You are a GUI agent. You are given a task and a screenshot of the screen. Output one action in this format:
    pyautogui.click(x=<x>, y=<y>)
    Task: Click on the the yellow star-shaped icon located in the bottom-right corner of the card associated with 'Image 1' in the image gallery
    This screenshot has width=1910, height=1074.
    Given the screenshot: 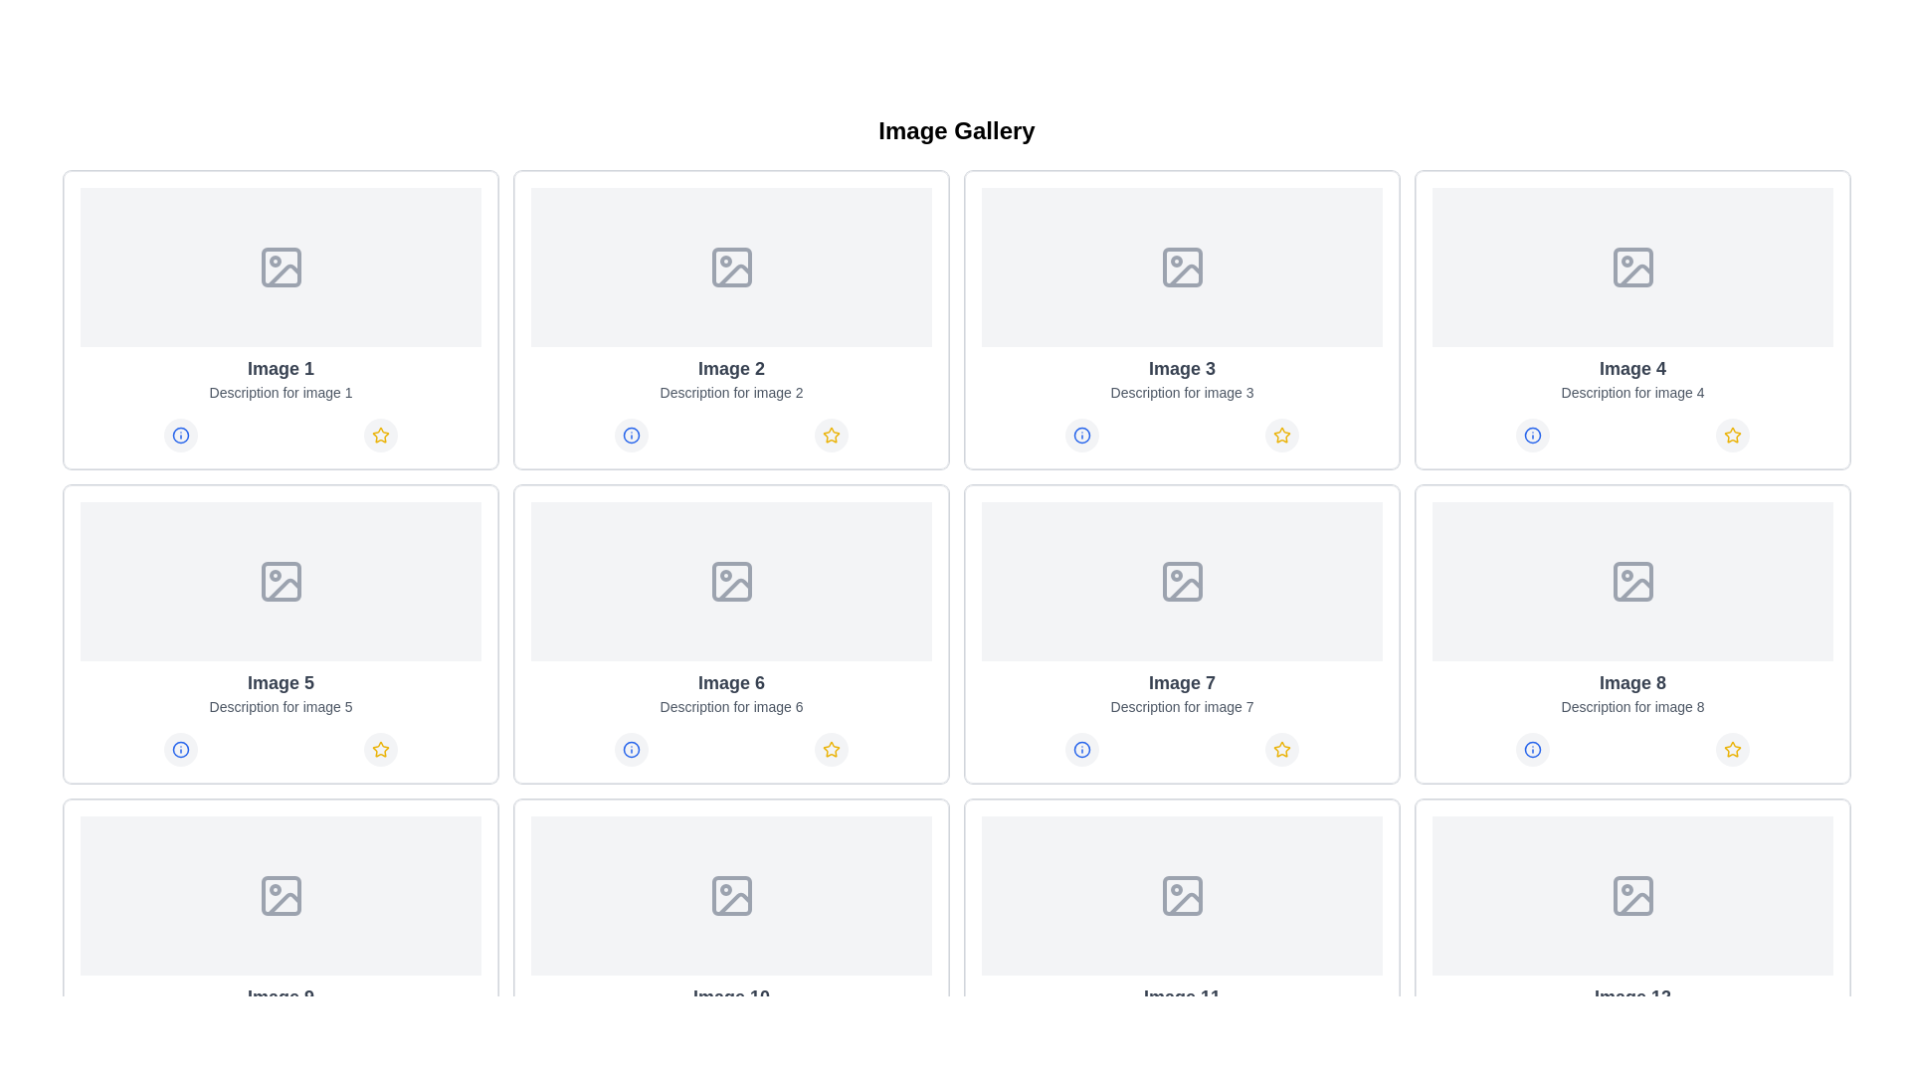 What is the action you would take?
    pyautogui.click(x=381, y=435)
    